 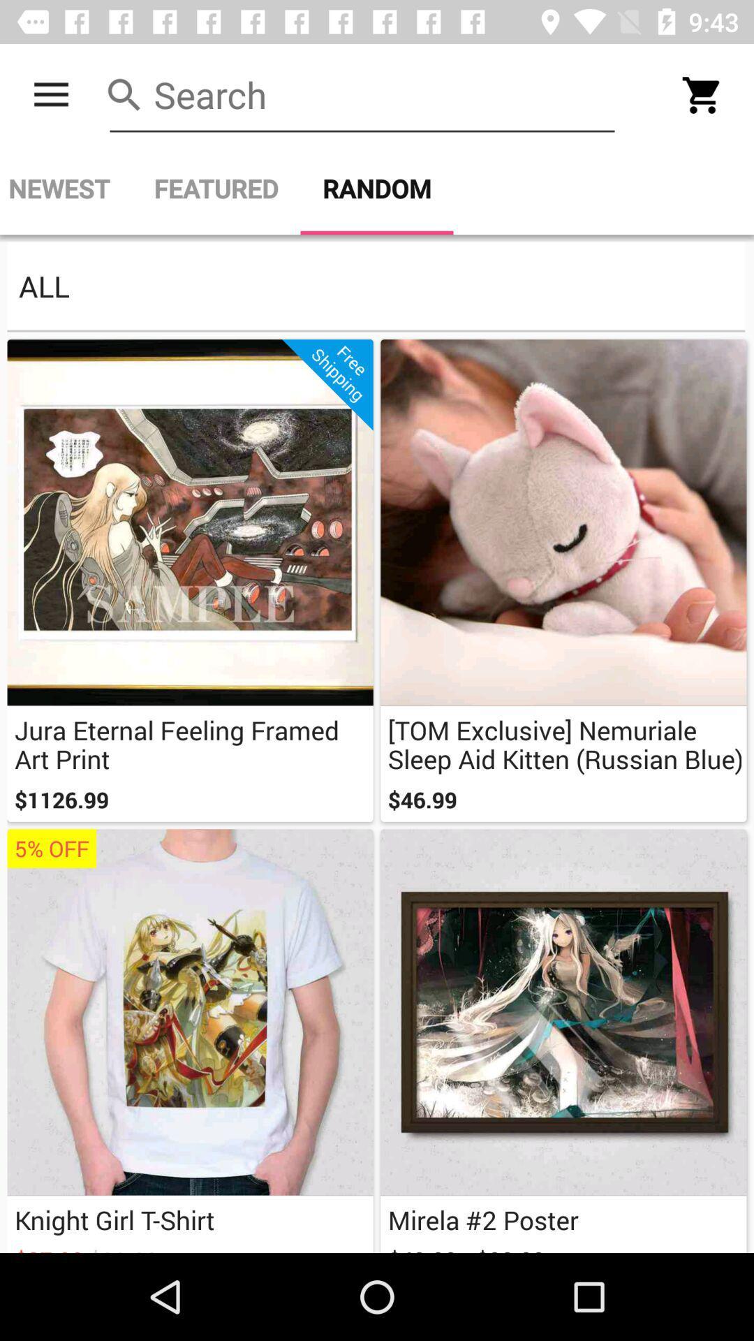 I want to click on the item next to random icon, so click(x=216, y=188).